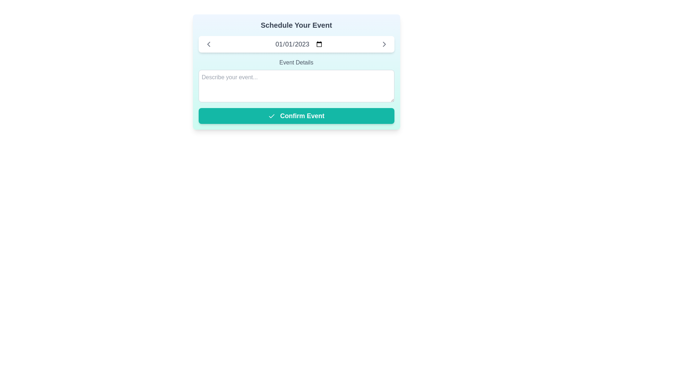  Describe the element at coordinates (208, 44) in the screenshot. I see `the back button icon located in the left section of the horizontal bar at the top of the modal interface, which is to the left of the date display field` at that location.